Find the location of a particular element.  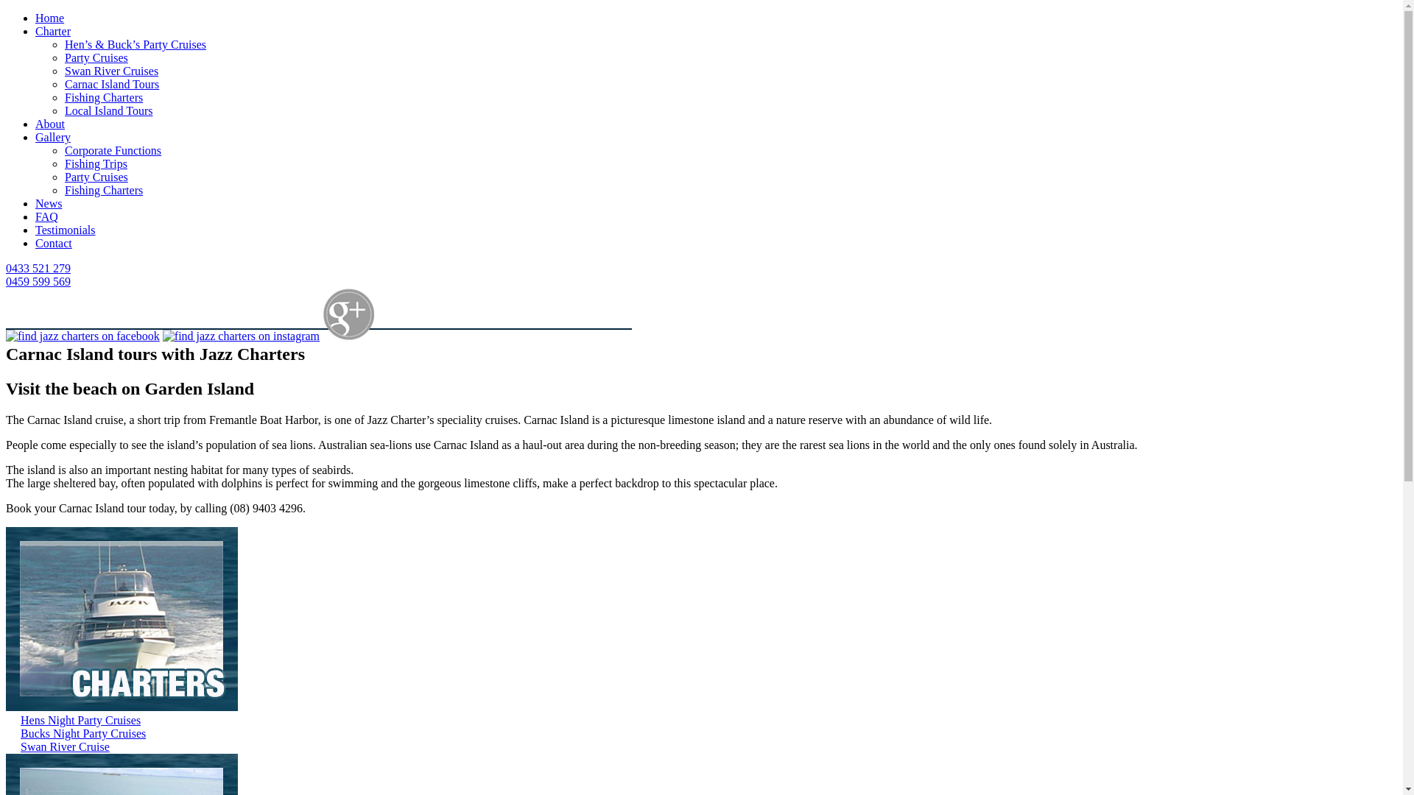

'Hens Night Party Cruises' is located at coordinates (80, 719).